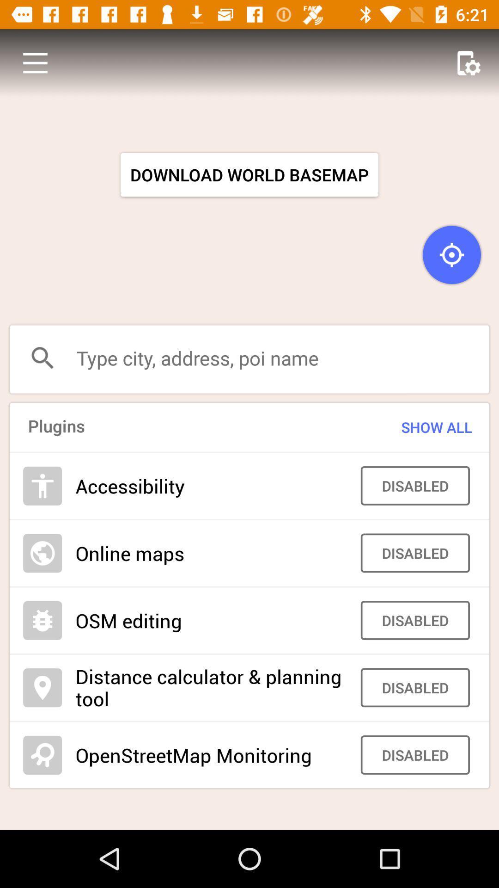 The image size is (499, 888). What do you see at coordinates (35, 62) in the screenshot?
I see `the item at the top left corner` at bounding box center [35, 62].